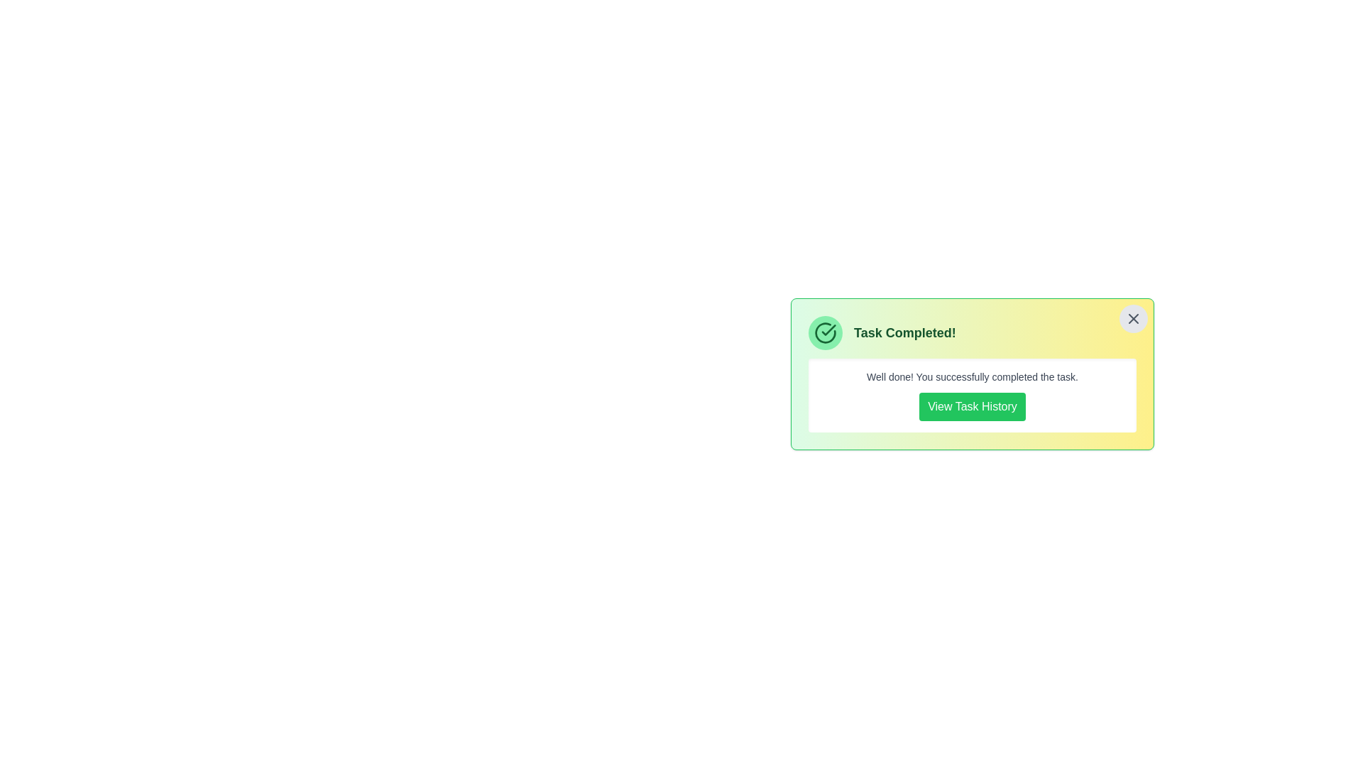  I want to click on 'View Task History' button, so click(971, 407).